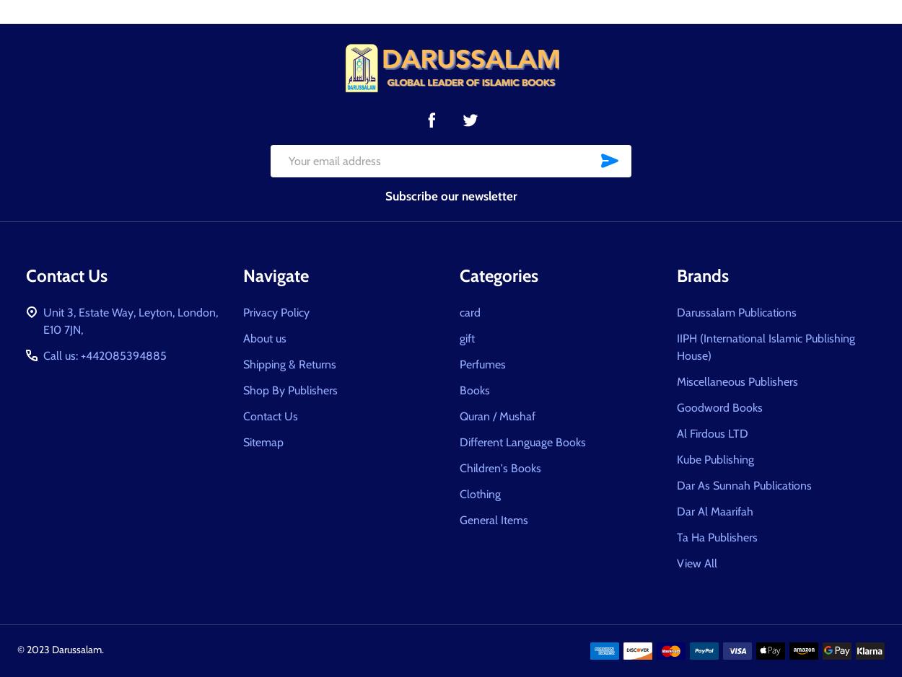  What do you see at coordinates (467, 337) in the screenshot?
I see `'gift'` at bounding box center [467, 337].